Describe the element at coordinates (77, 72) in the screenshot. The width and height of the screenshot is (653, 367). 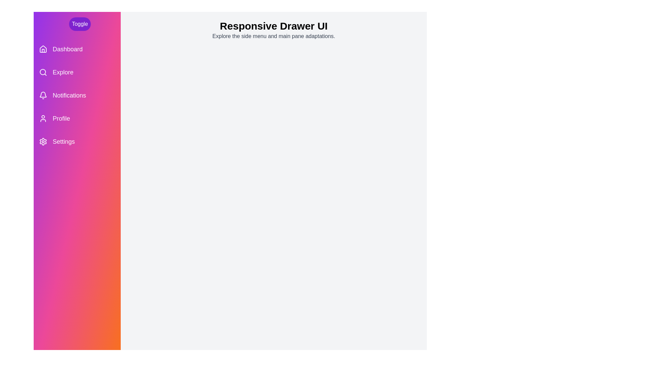
I see `the menu item Explore to observe its visual feedback` at that location.